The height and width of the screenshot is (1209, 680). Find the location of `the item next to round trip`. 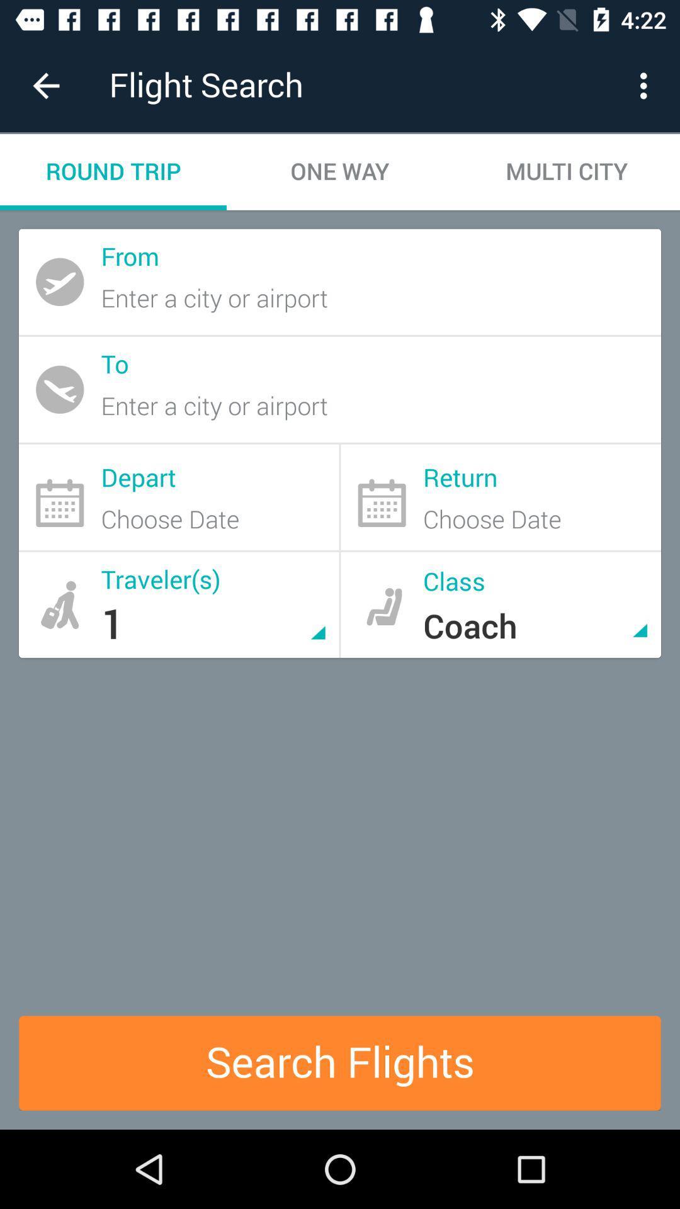

the item next to round trip is located at coordinates (340, 171).